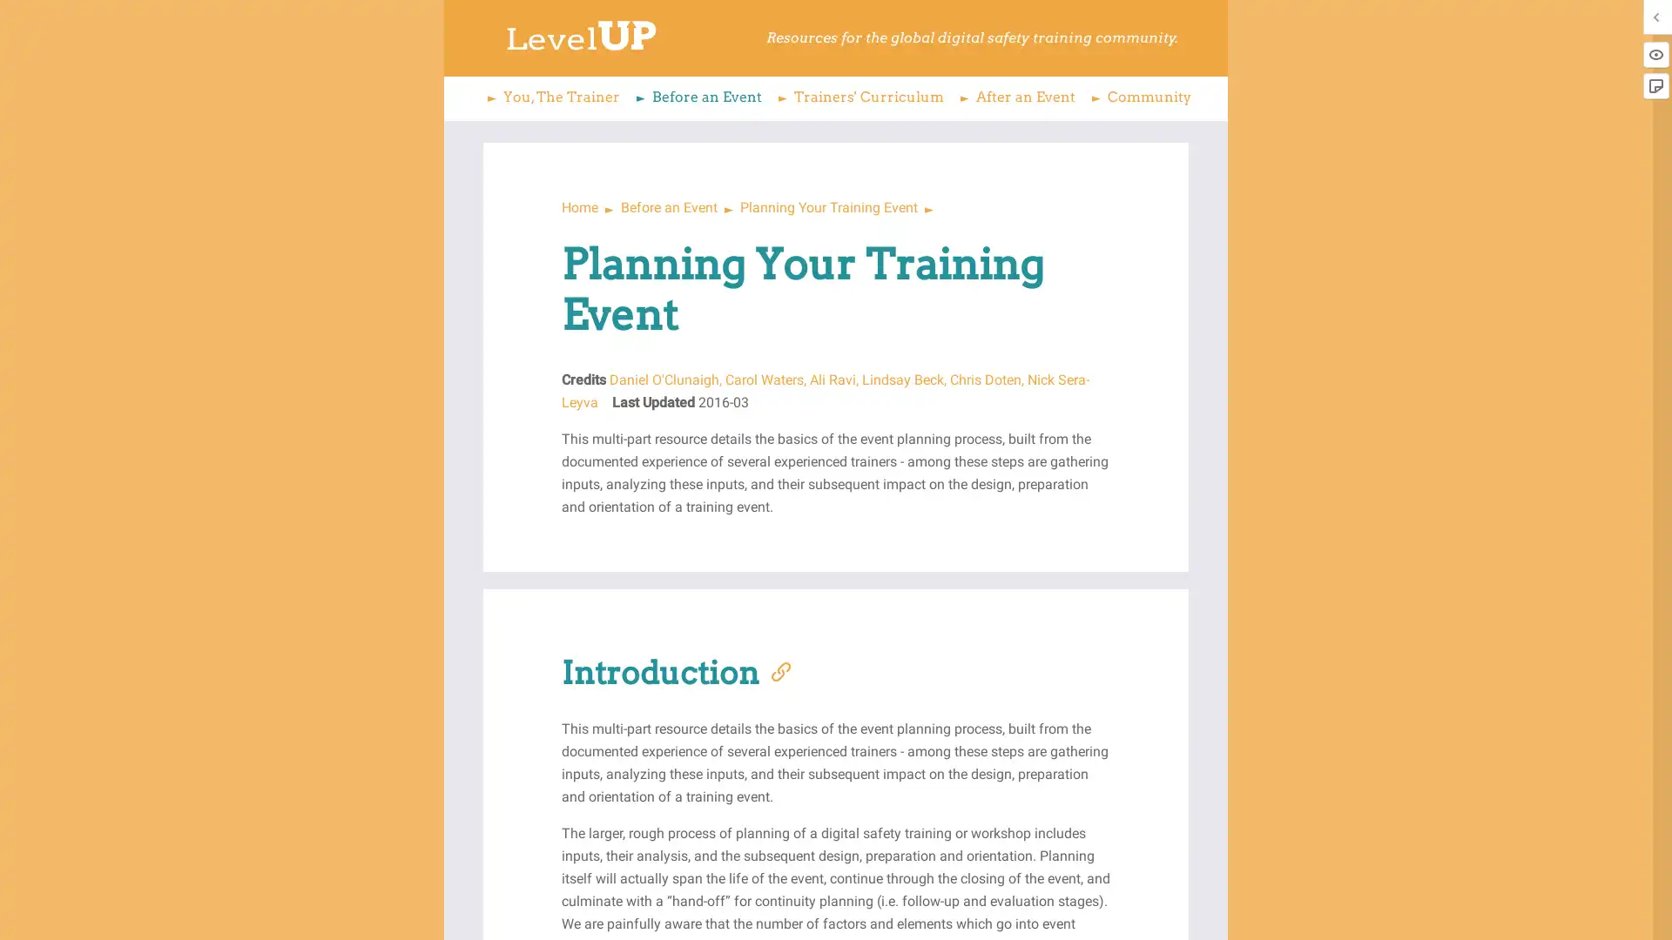  What do you see at coordinates (1655, 53) in the screenshot?
I see `Show highlights` at bounding box center [1655, 53].